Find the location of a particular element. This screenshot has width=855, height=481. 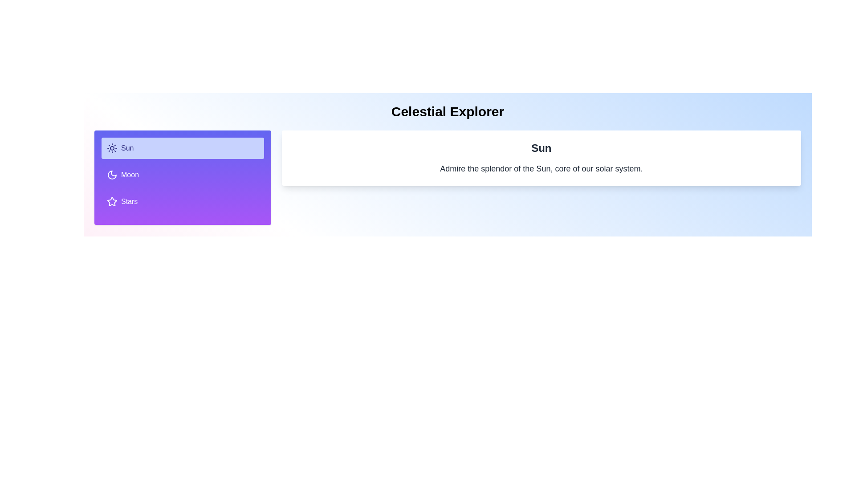

the tab labeled Sun is located at coordinates (182, 147).